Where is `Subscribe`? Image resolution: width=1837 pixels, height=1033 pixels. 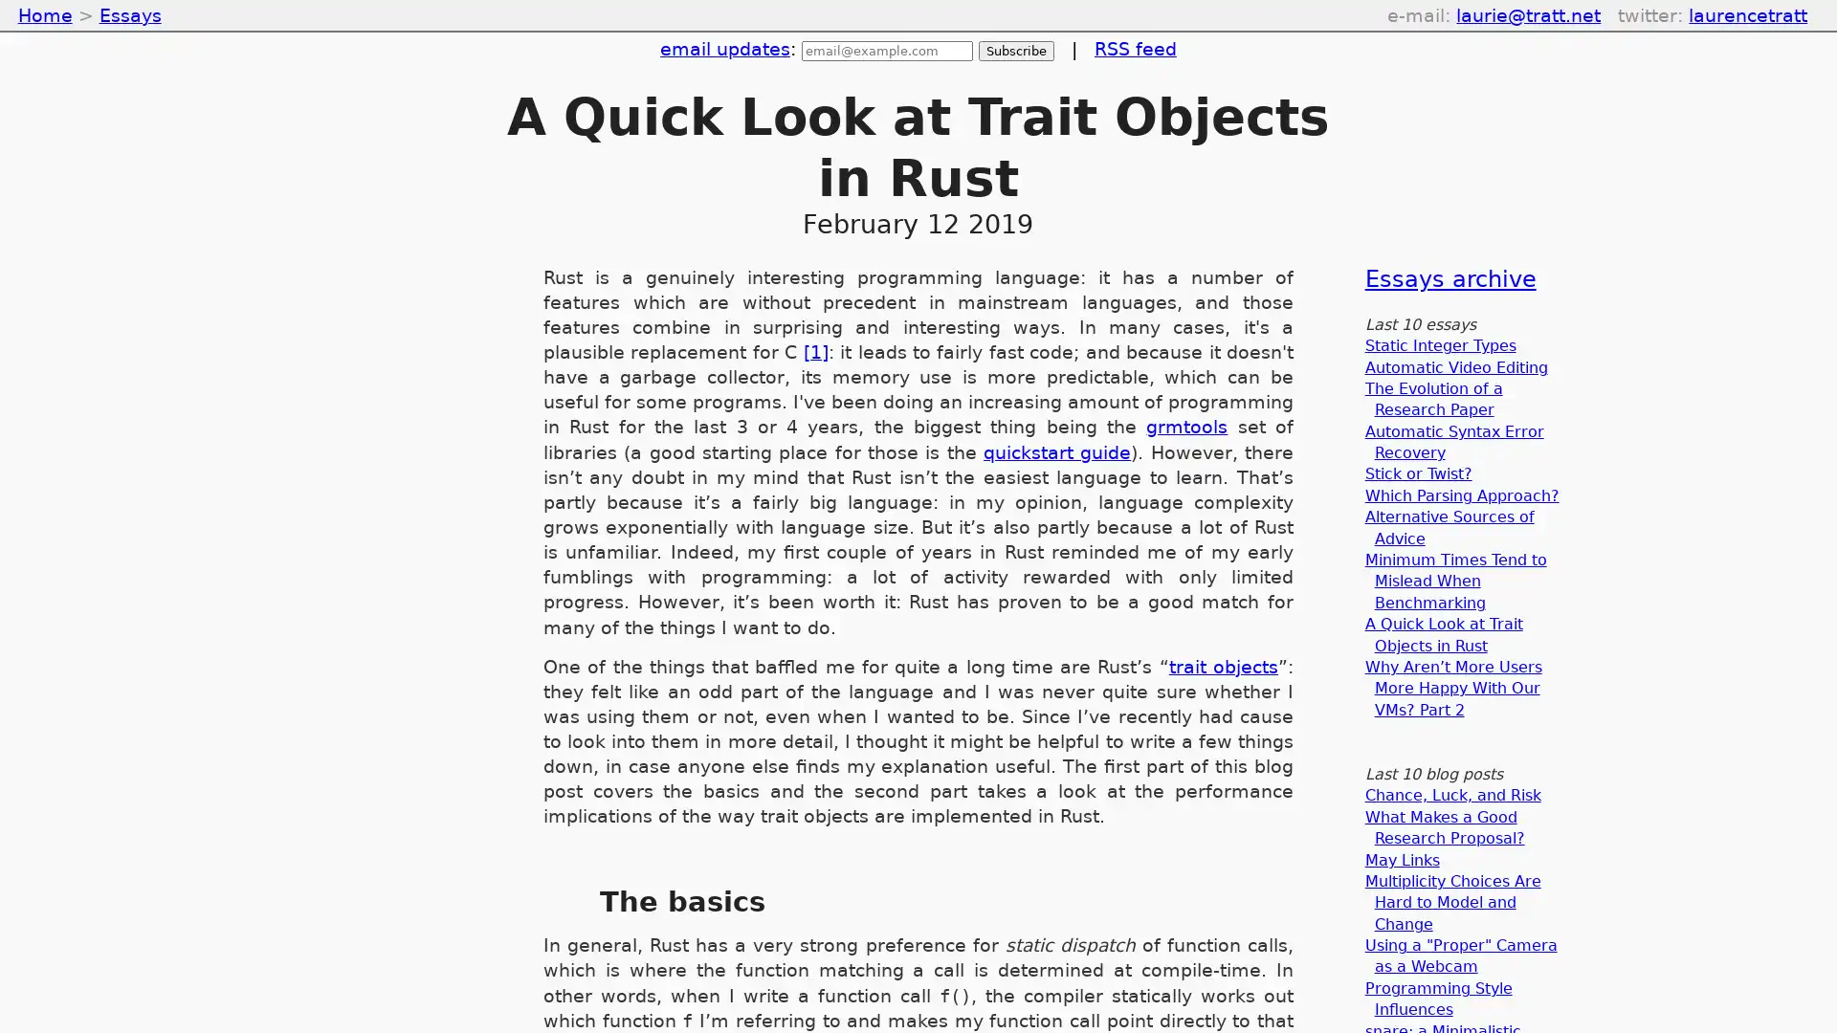
Subscribe is located at coordinates (1014, 50).